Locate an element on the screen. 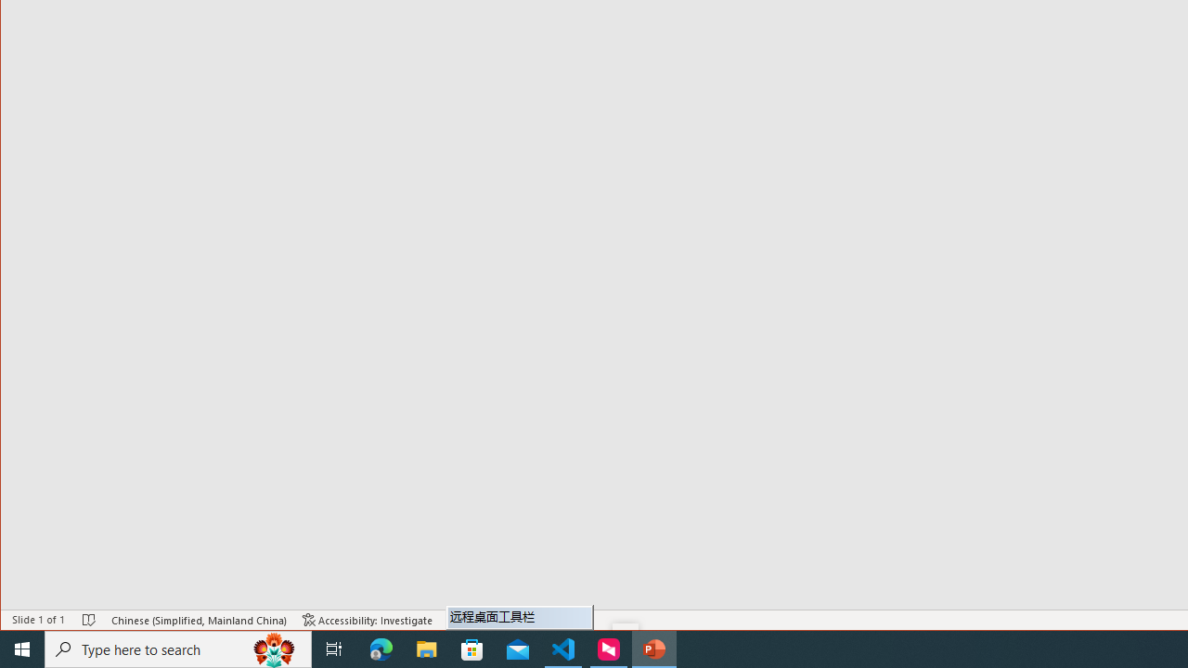 This screenshot has height=668, width=1188. 'Microsoft Edge' is located at coordinates (381, 648).